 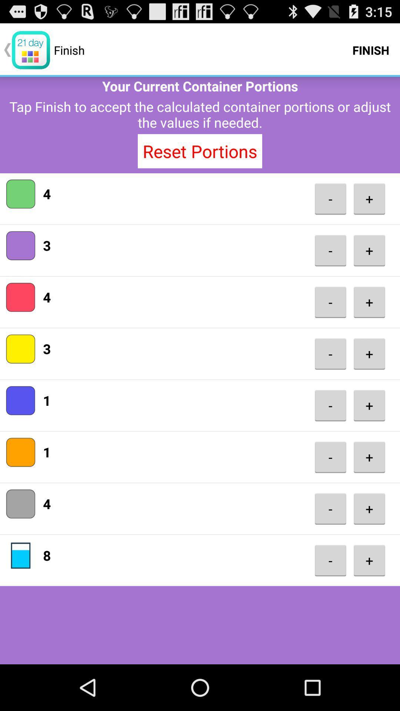 I want to click on - button, so click(x=330, y=508).